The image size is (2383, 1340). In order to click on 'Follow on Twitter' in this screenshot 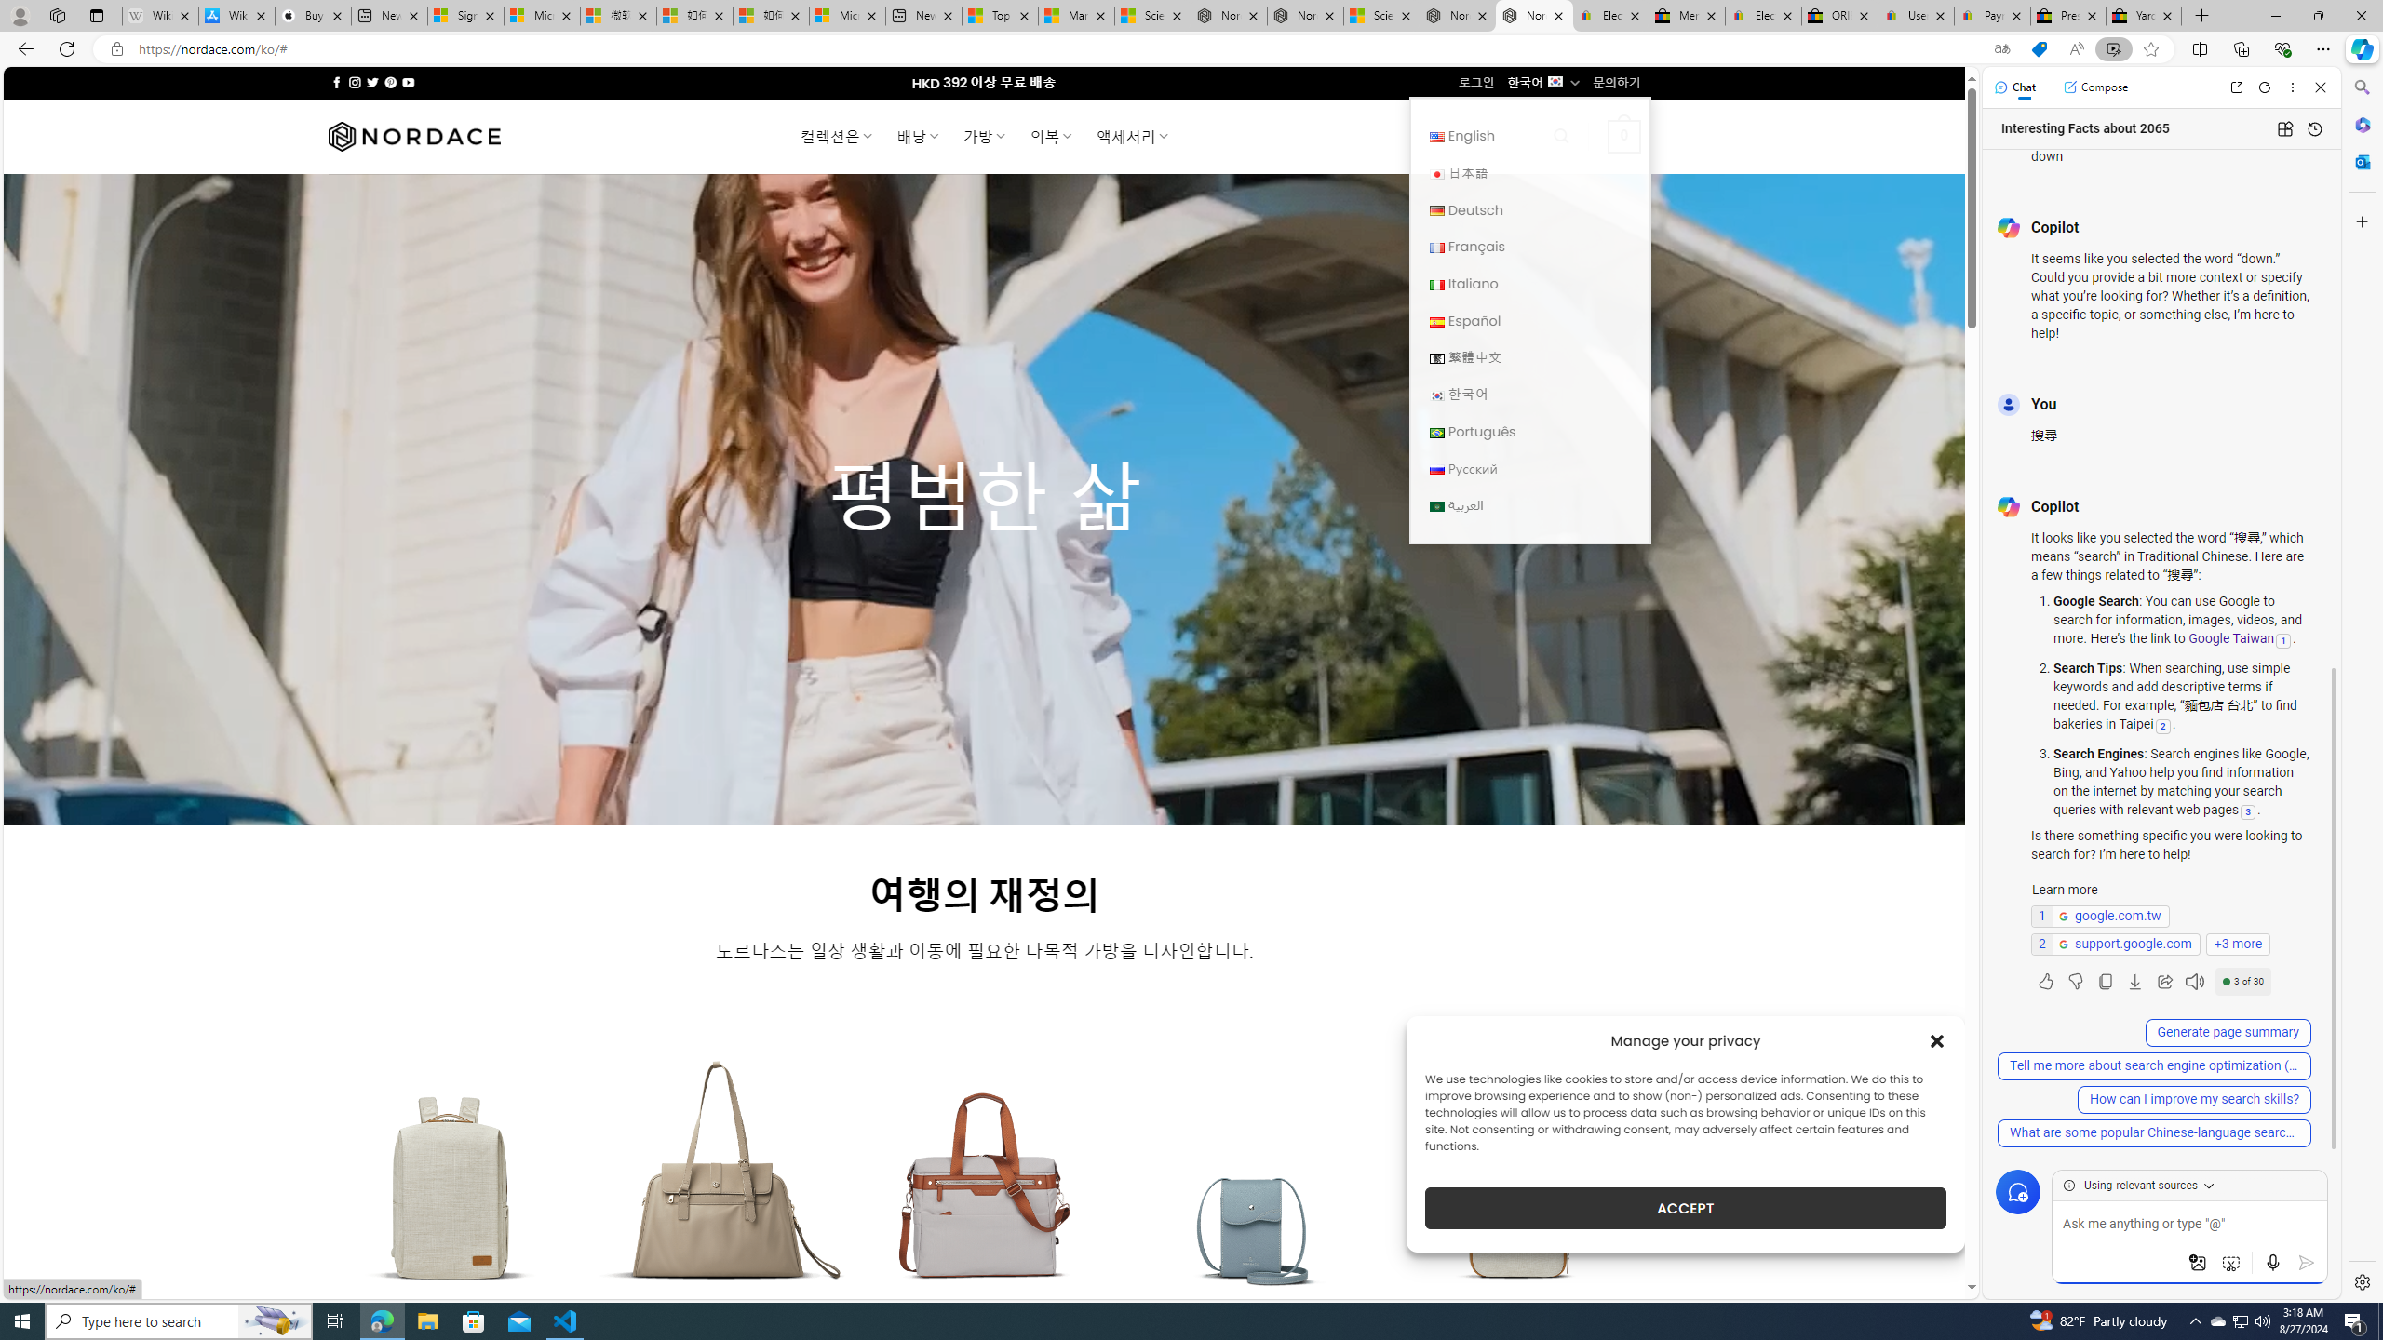, I will do `click(371, 82)`.